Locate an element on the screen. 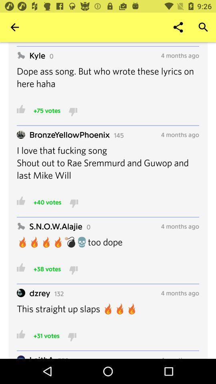  +40 votes item is located at coordinates (47, 202).